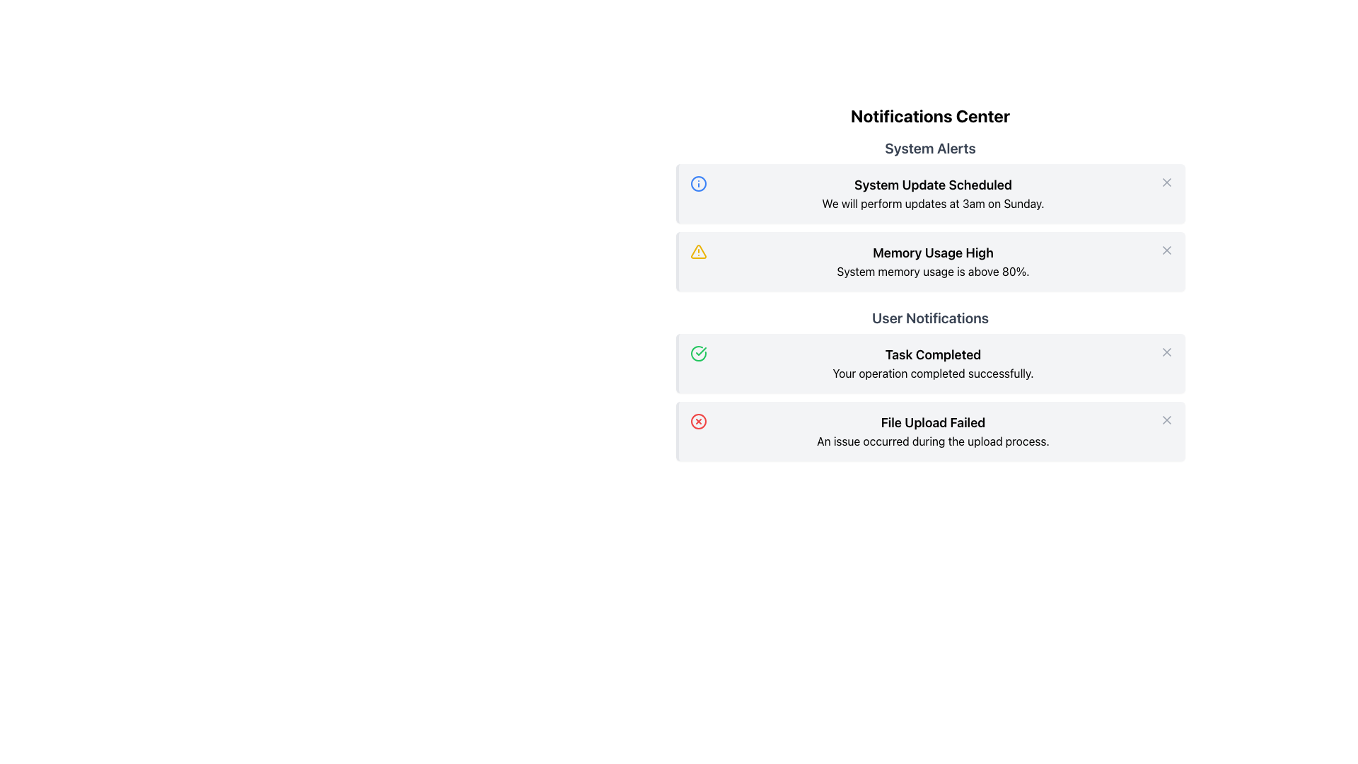 The height and width of the screenshot is (764, 1358). Describe the element at coordinates (933, 272) in the screenshot. I see `text area containing the message 'System memory usage is above 80%' which is located below the heading 'Memory Usage High' in the second notification card under the 'System Alerts' section` at that location.